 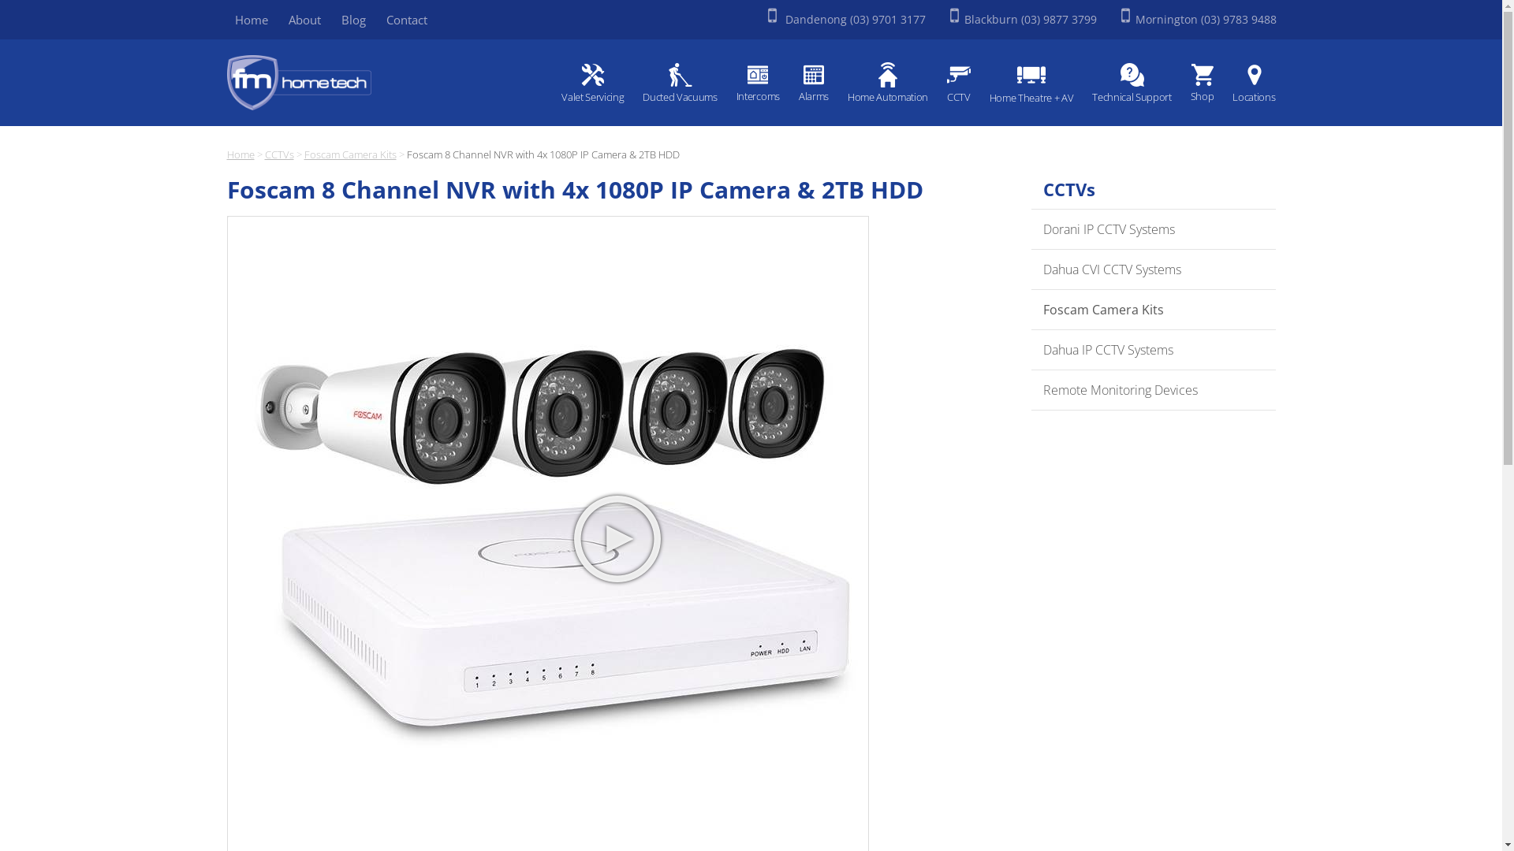 What do you see at coordinates (1154, 349) in the screenshot?
I see `'Dahua IP CCTV Systems'` at bounding box center [1154, 349].